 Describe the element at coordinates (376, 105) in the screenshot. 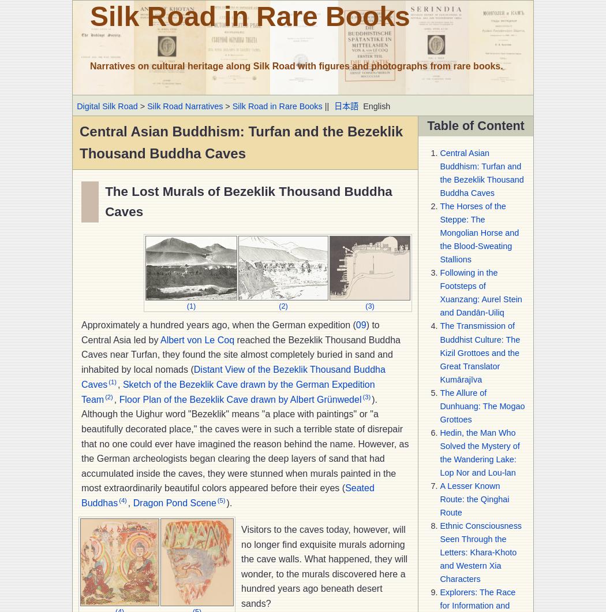

I see `'English'` at that location.